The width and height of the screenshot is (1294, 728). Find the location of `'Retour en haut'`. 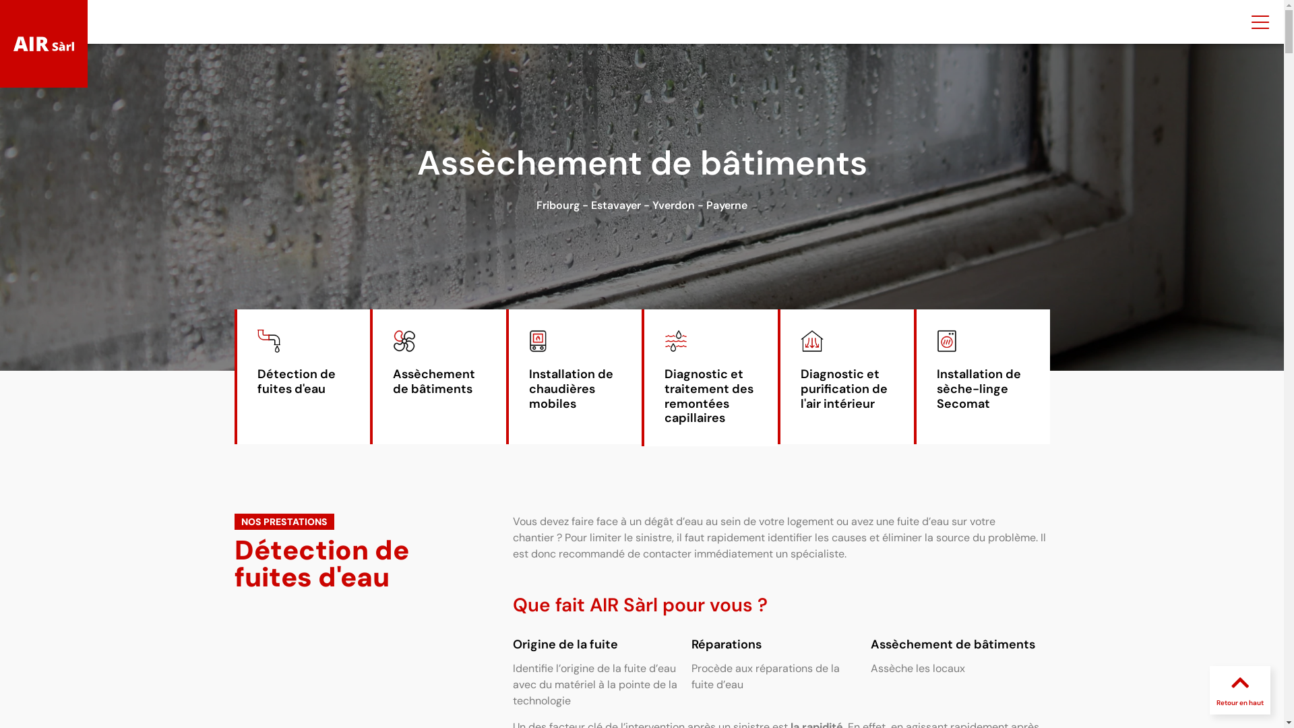

'Retour en haut' is located at coordinates (1239, 702).